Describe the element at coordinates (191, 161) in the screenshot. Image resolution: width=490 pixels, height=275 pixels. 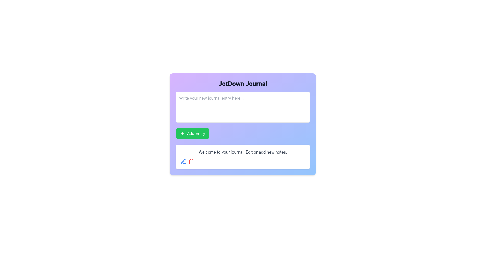
I see `the red trash can icon-button, which is the second interactive element` at that location.